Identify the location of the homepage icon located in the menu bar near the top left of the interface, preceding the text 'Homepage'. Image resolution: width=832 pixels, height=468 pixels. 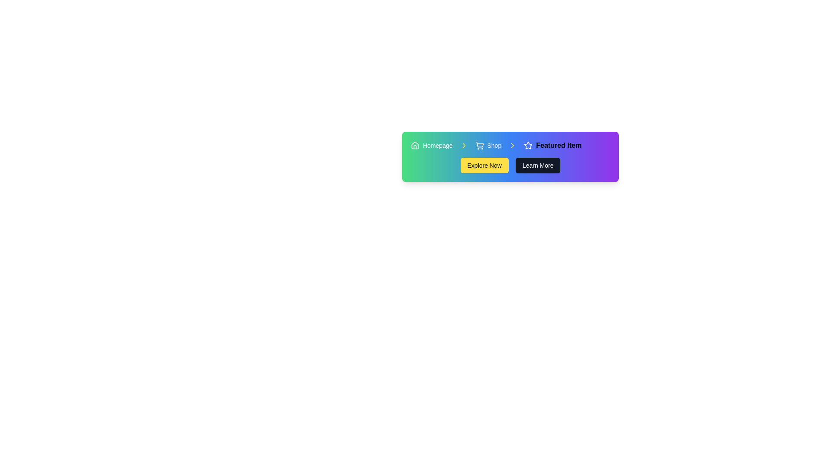
(415, 145).